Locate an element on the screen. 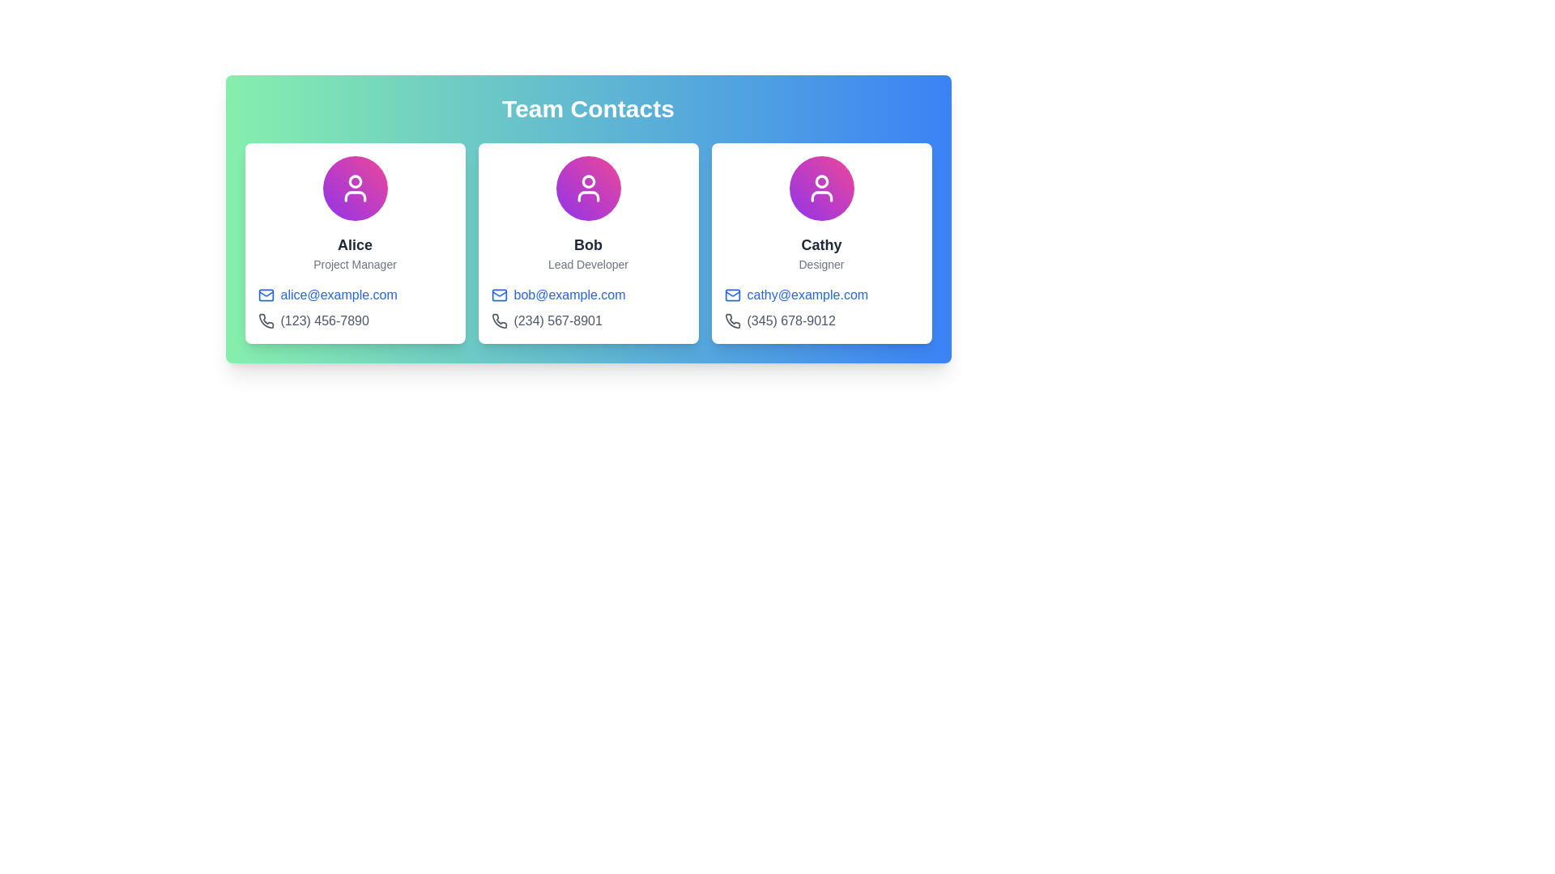 The width and height of the screenshot is (1555, 874). the static text label reading 'Designer' located beneath the name 'Cathy' in the third profile card of the team contacts layout is located at coordinates (821, 264).